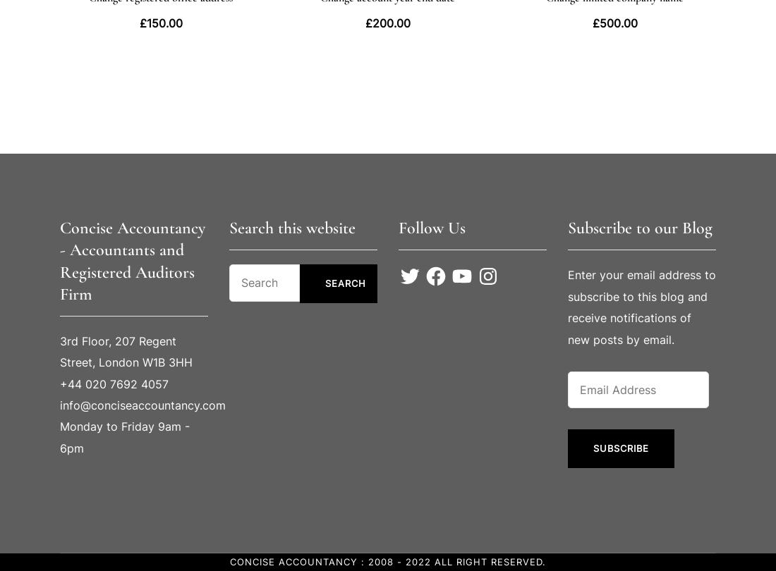 The width and height of the screenshot is (776, 571). What do you see at coordinates (620, 448) in the screenshot?
I see `'Subscribe'` at bounding box center [620, 448].